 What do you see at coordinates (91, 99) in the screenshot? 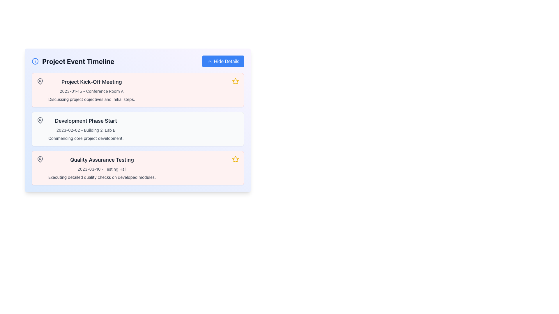
I see `the text label that reads 'Discussing project objectives and initial steps.' which is styled in a small gray font and located below the date and location details in the 'Project Kick-Off Meeting' section of the 'Project Event Timeline'` at bounding box center [91, 99].